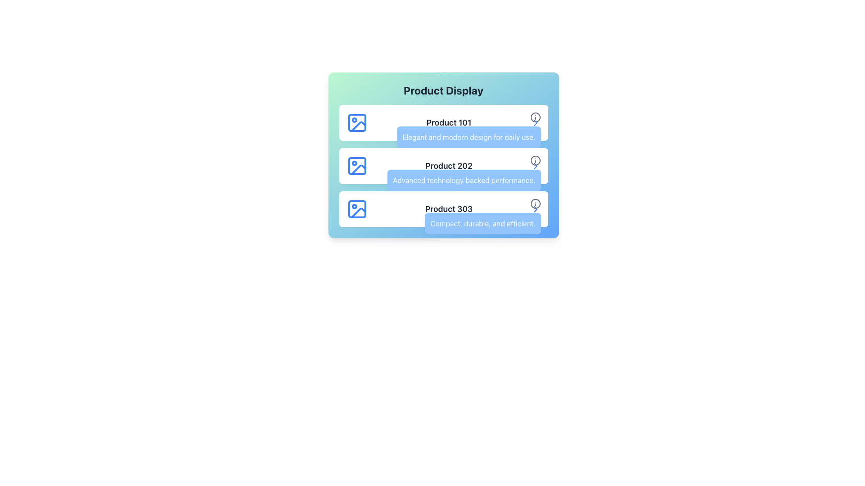 Image resolution: width=865 pixels, height=486 pixels. I want to click on the right-facing chevron arrow icon that is part of the third product's information icon in the 'Product Display' list, so click(535, 209).